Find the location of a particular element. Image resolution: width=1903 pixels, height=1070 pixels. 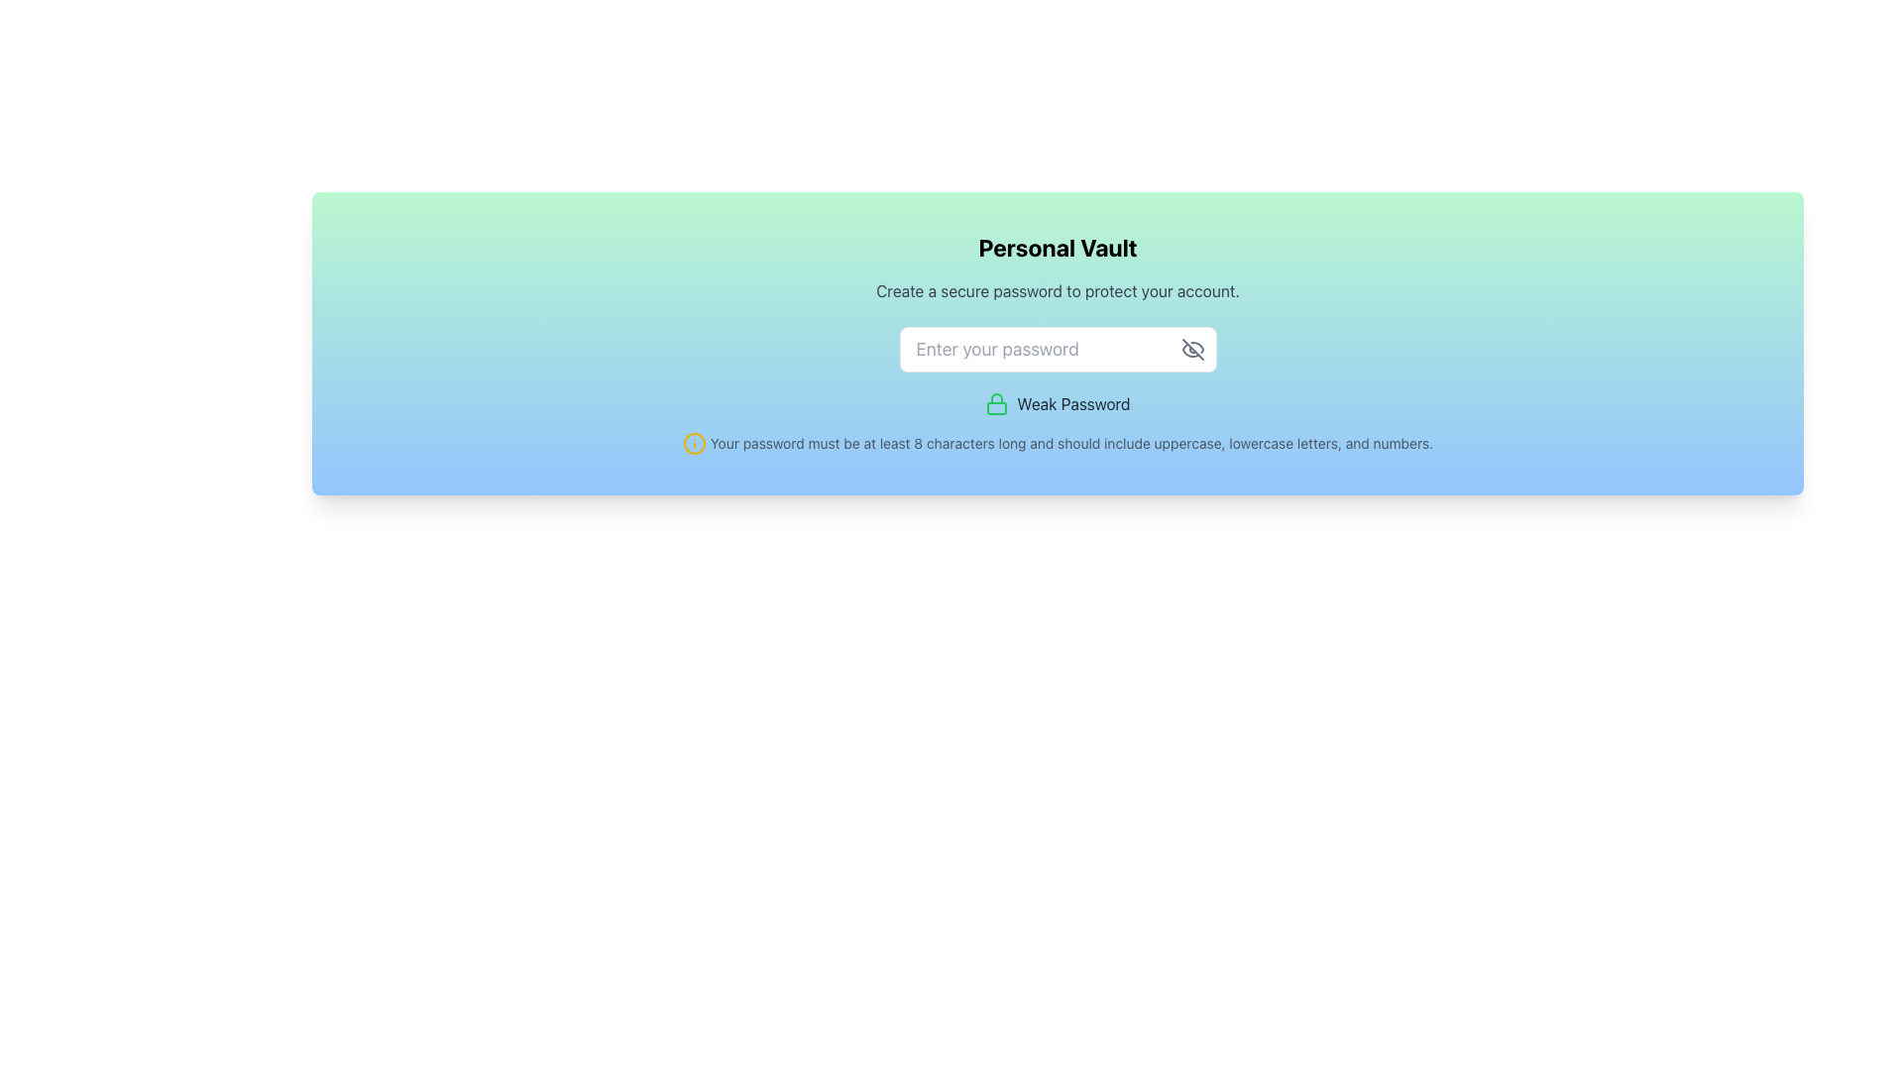

the title text label that indicates the purpose of creating a secure password, located at the top of the section is located at coordinates (1057, 247).